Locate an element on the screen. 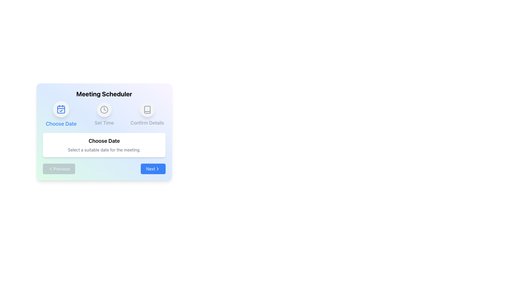 The width and height of the screenshot is (508, 285). the graphical indicator icon for the 'Set Time' function, located above the text 'Set Time' in the horizontal navigation section is located at coordinates (104, 110).